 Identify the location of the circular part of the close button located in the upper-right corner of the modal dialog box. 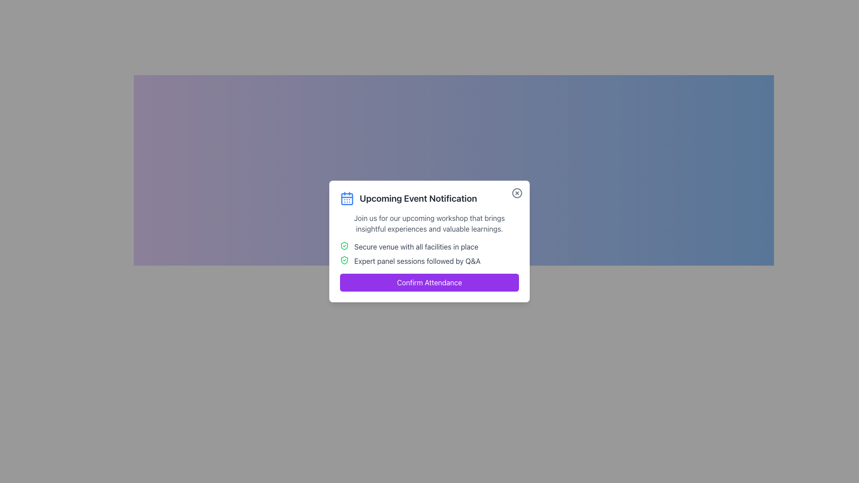
(517, 193).